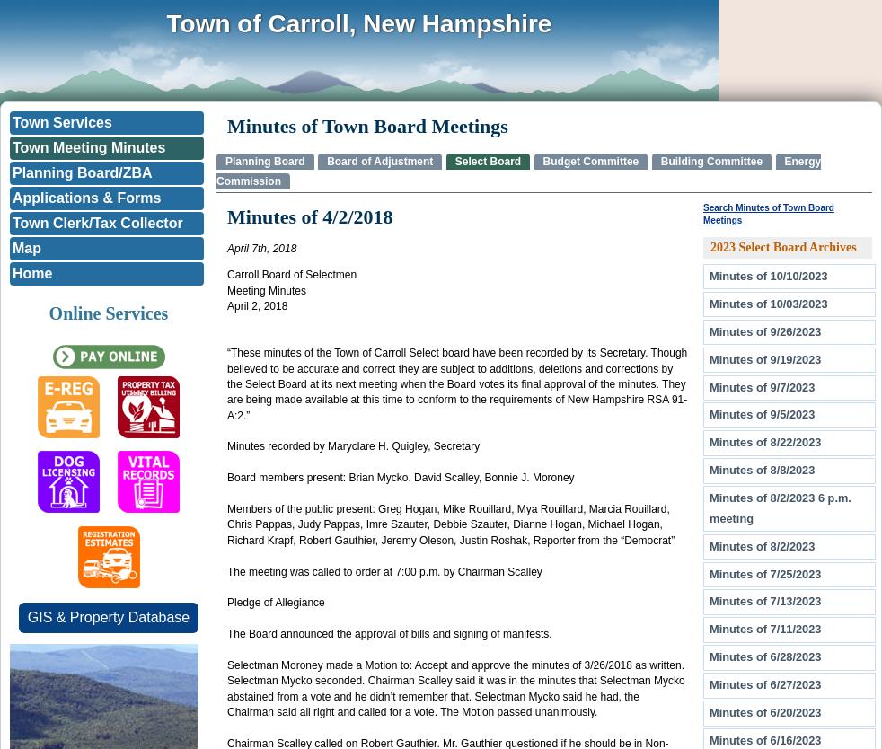  Describe the element at coordinates (783, 245) in the screenshot. I see `'2023 Select Board Archives'` at that location.